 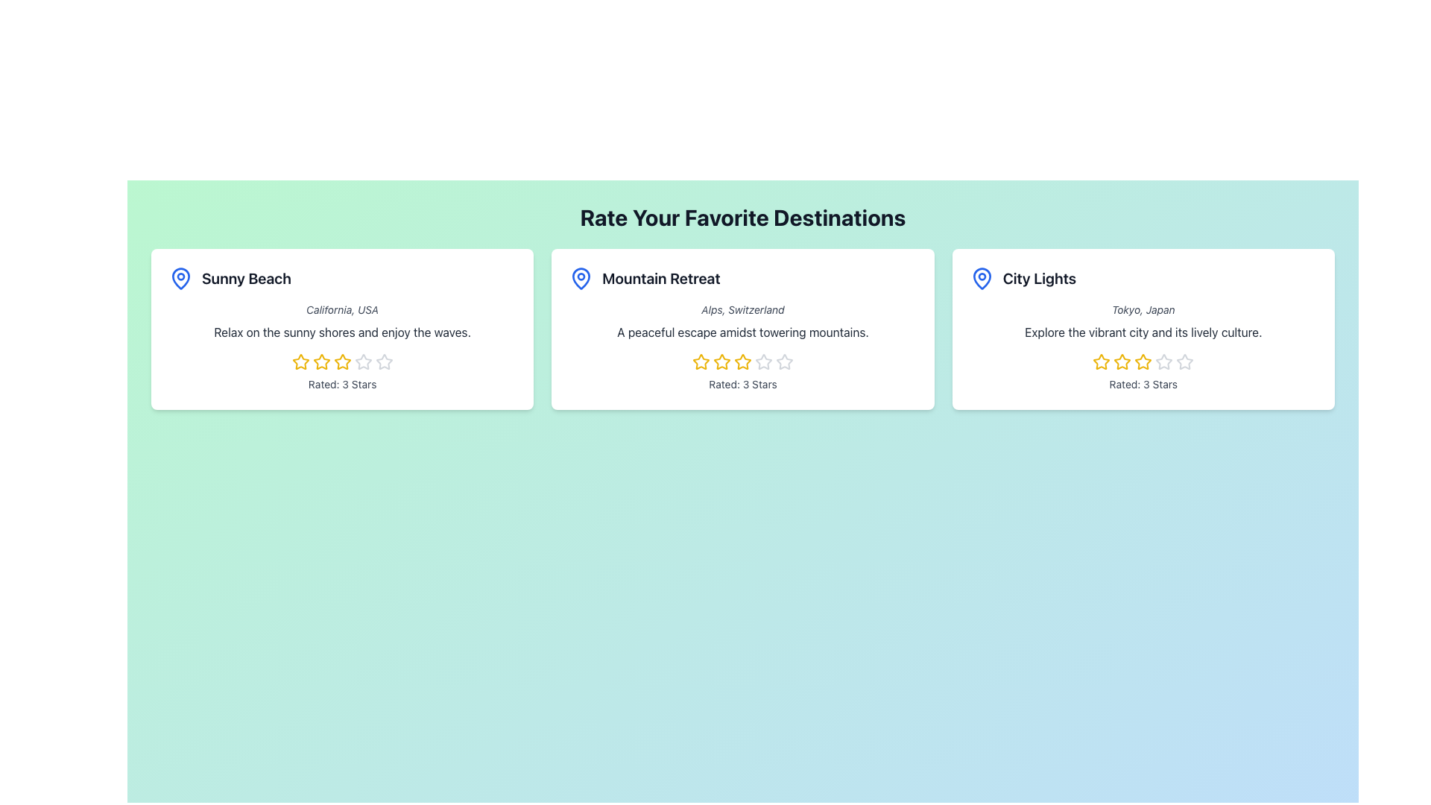 What do you see at coordinates (1143, 362) in the screenshot?
I see `the highlighted third star in the row of rating stars, which is part of the 'City Lights' card, located below the text 'Explore the vibrant city and its lively culture.'` at bounding box center [1143, 362].